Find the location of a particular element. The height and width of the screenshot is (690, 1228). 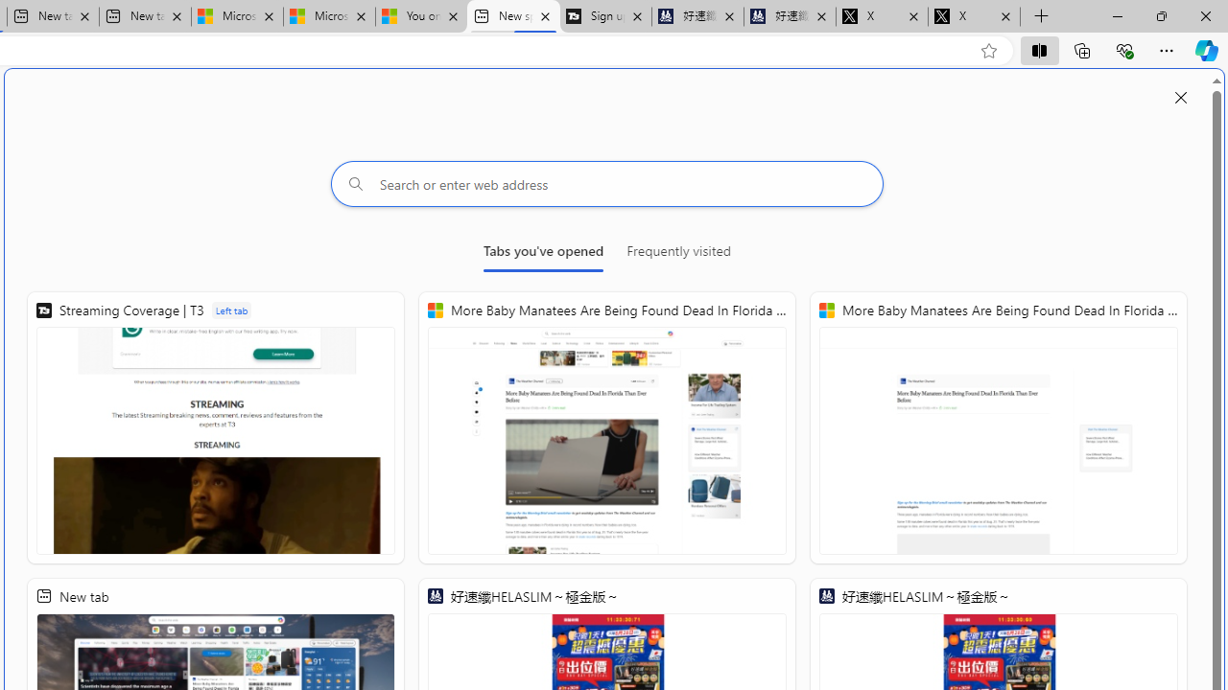

'New split screen' is located at coordinates (513, 16).